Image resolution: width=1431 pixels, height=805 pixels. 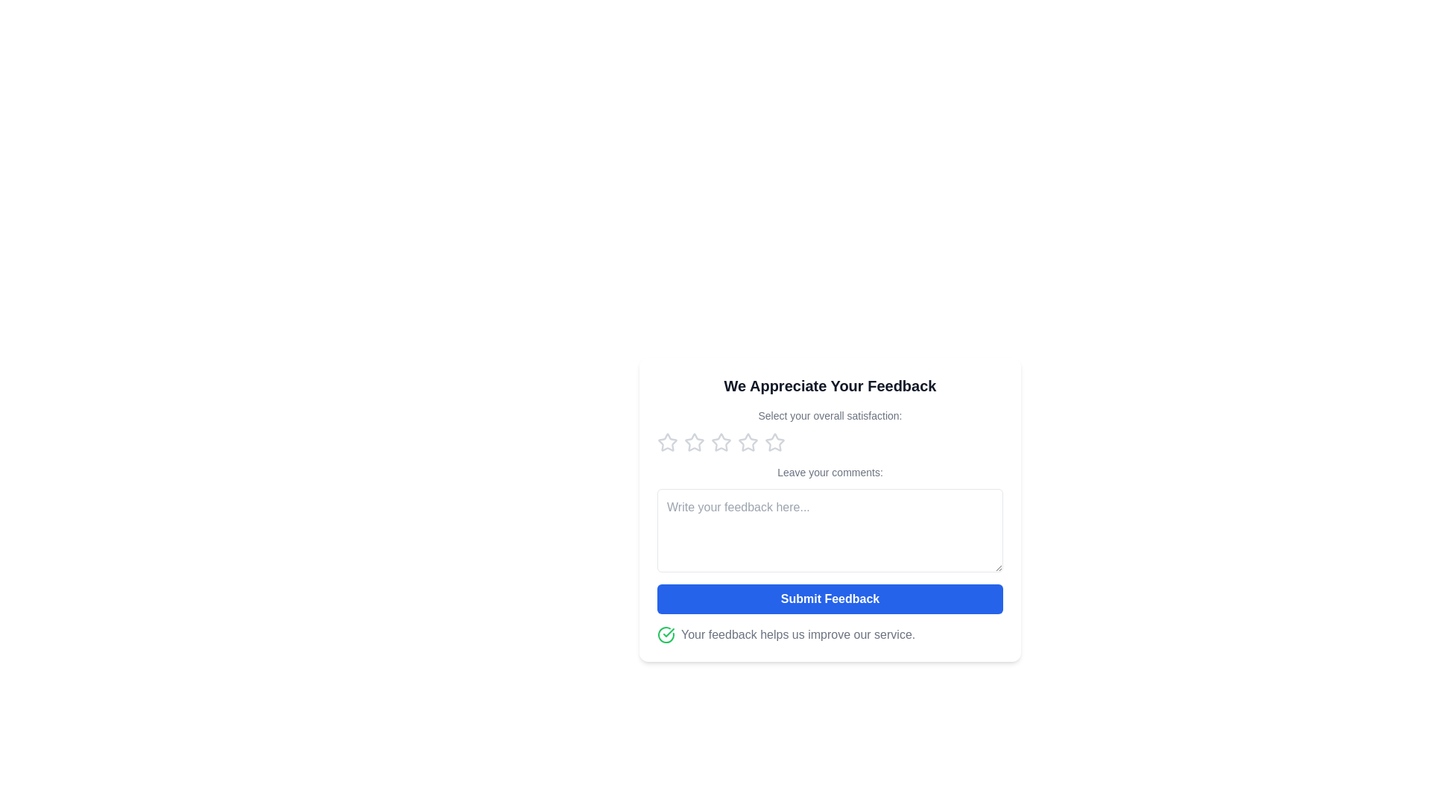 I want to click on the informational text label that guides the user to provide a rating for their satisfaction, located below the heading 'We Appreciate Your Feedback' and above the rating star icons, so click(x=829, y=416).